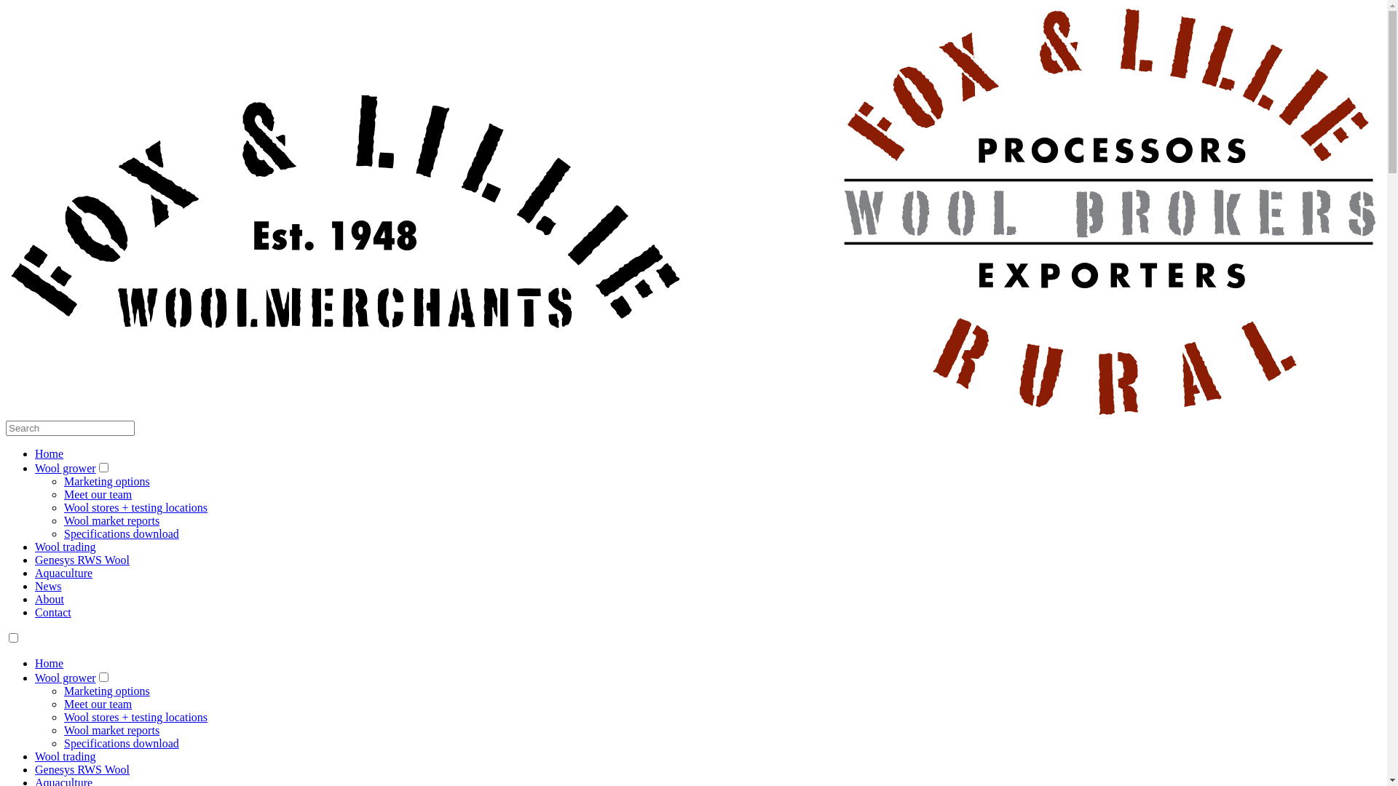  What do you see at coordinates (82, 769) in the screenshot?
I see `'Genesys RWS Wool'` at bounding box center [82, 769].